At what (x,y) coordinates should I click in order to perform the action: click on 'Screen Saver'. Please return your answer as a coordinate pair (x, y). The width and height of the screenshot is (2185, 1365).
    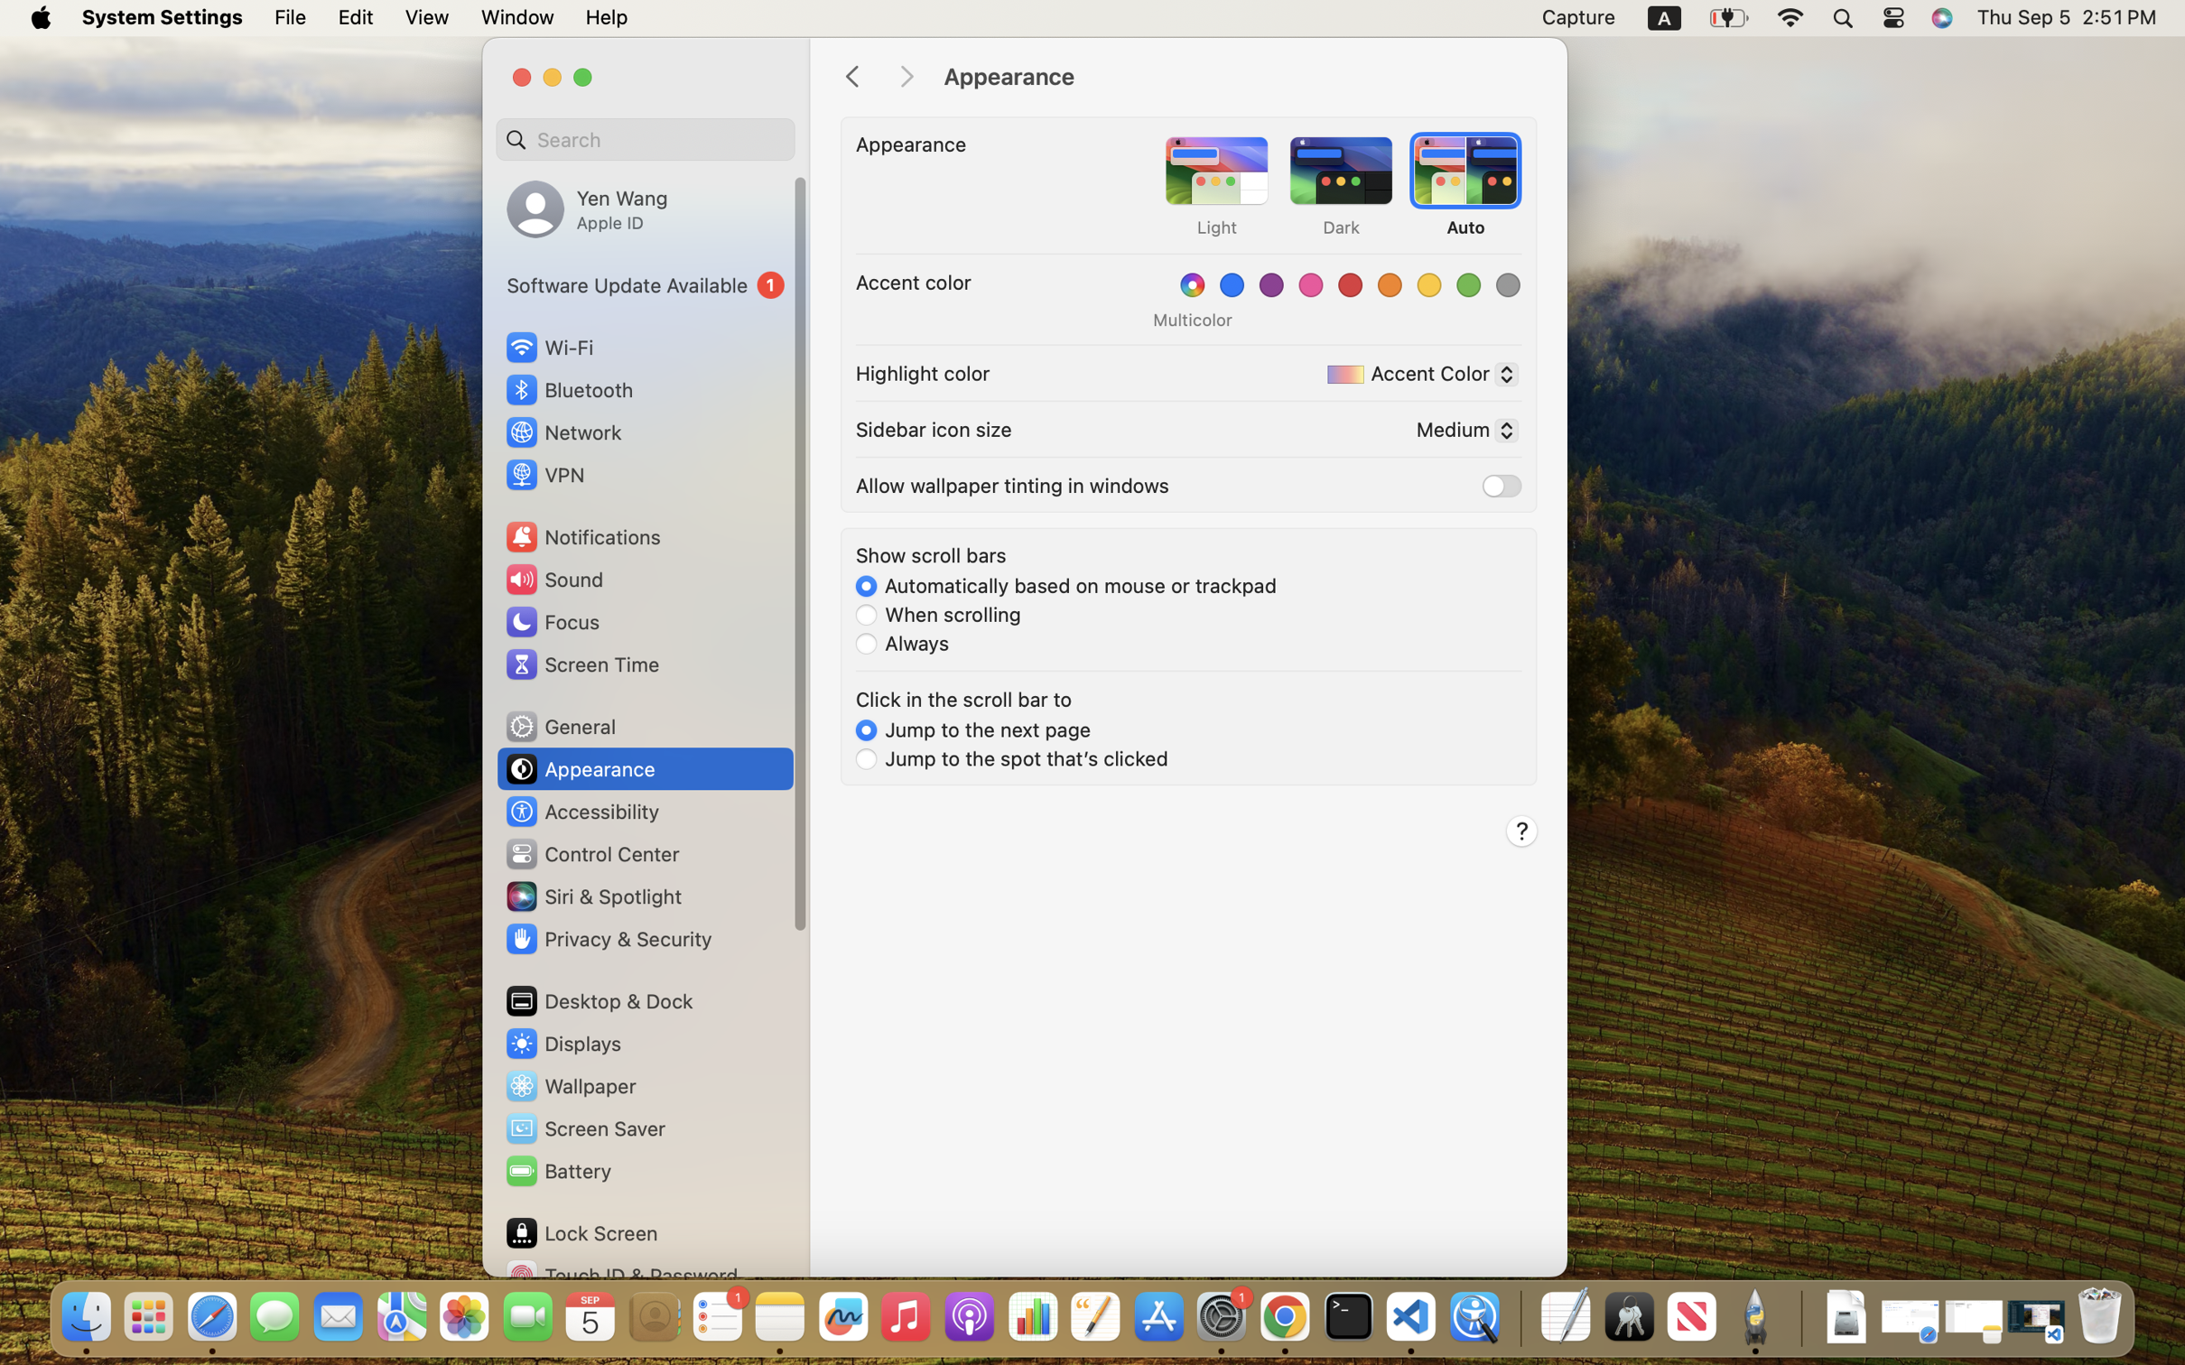
    Looking at the image, I should click on (583, 1128).